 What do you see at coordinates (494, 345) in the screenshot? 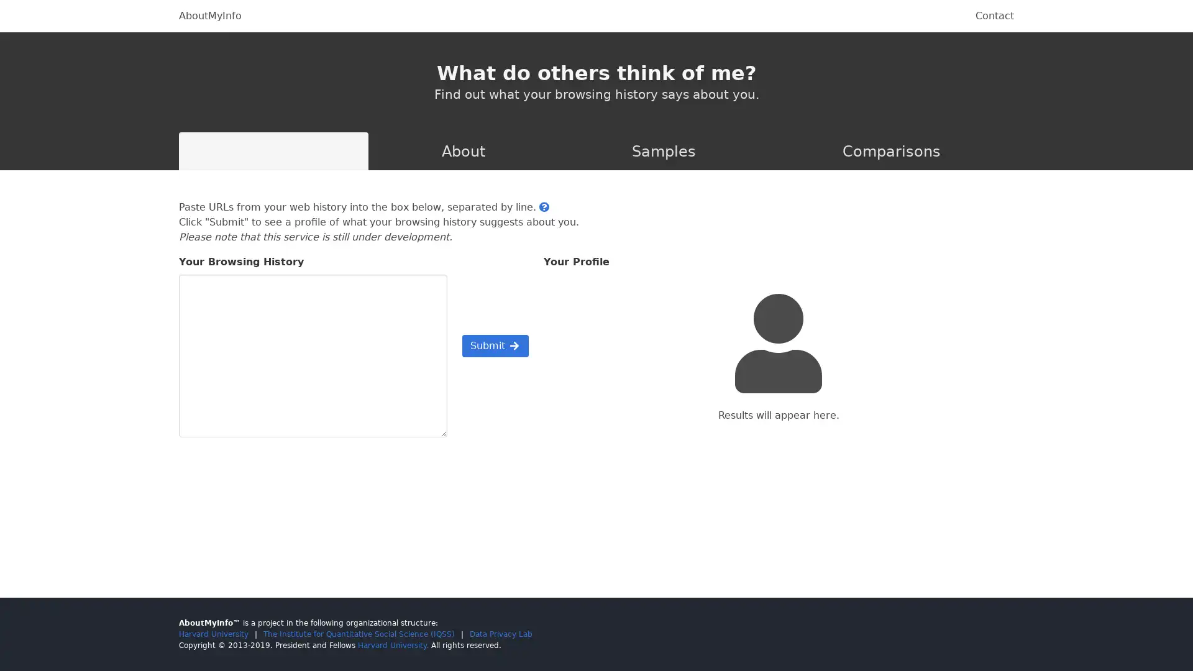
I see `Submit` at bounding box center [494, 345].